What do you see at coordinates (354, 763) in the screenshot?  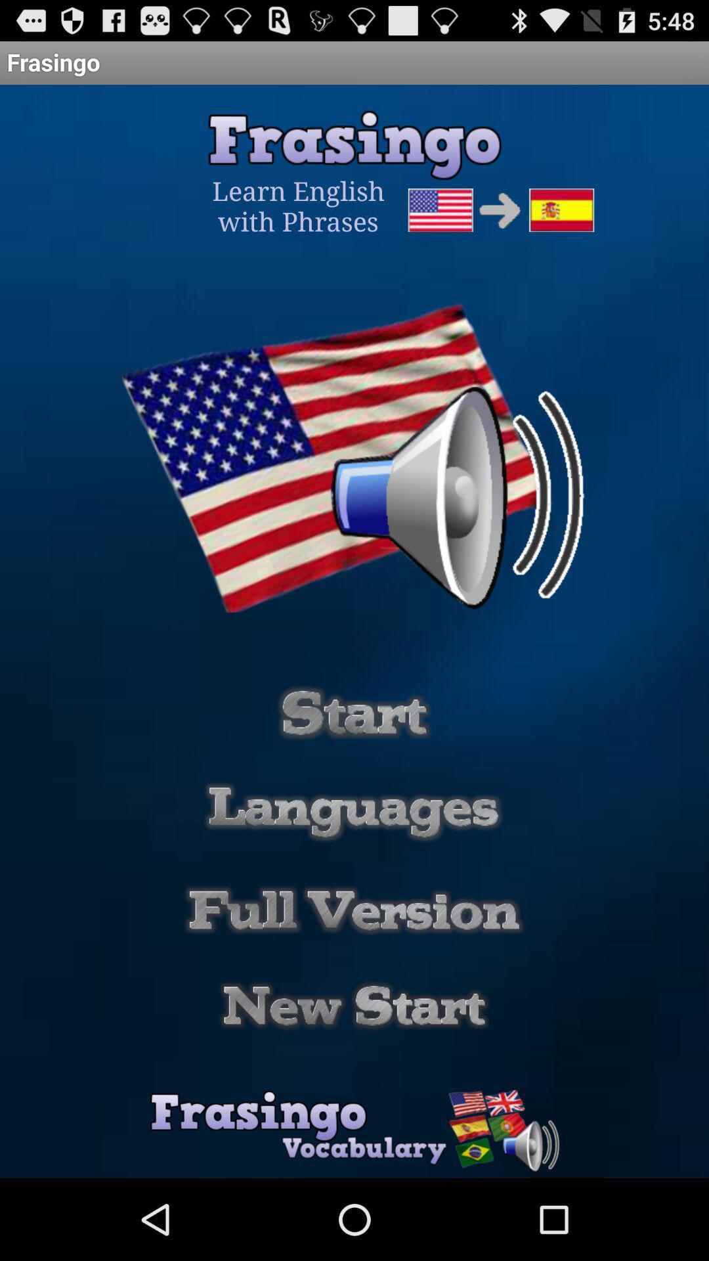 I see `the sliders icon` at bounding box center [354, 763].